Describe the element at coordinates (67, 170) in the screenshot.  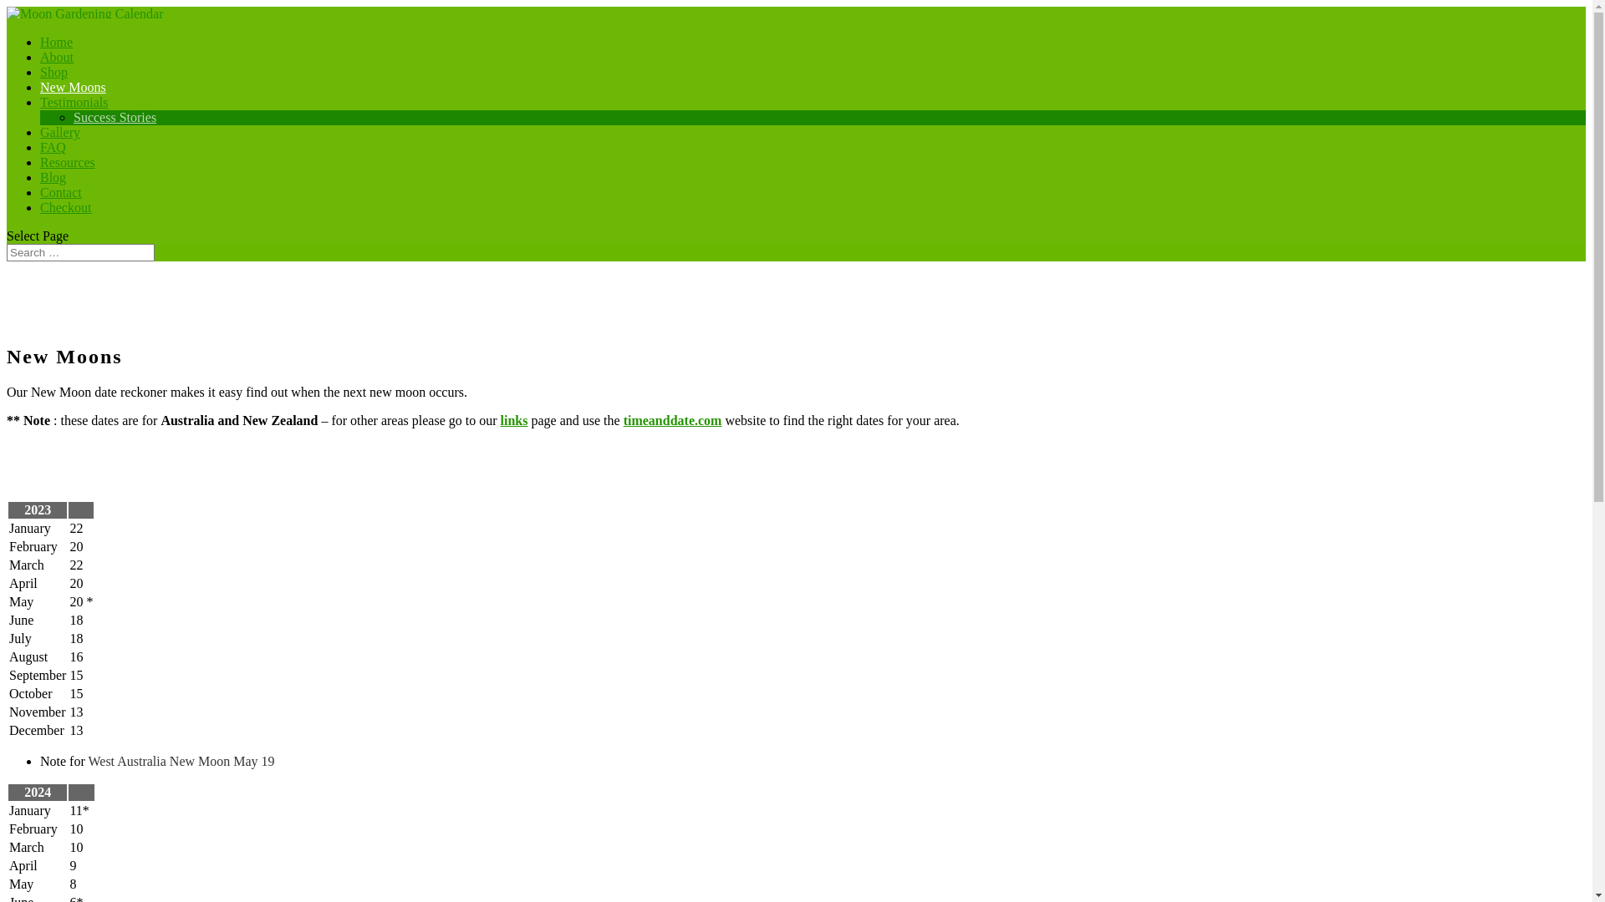
I see `'Resources'` at that location.